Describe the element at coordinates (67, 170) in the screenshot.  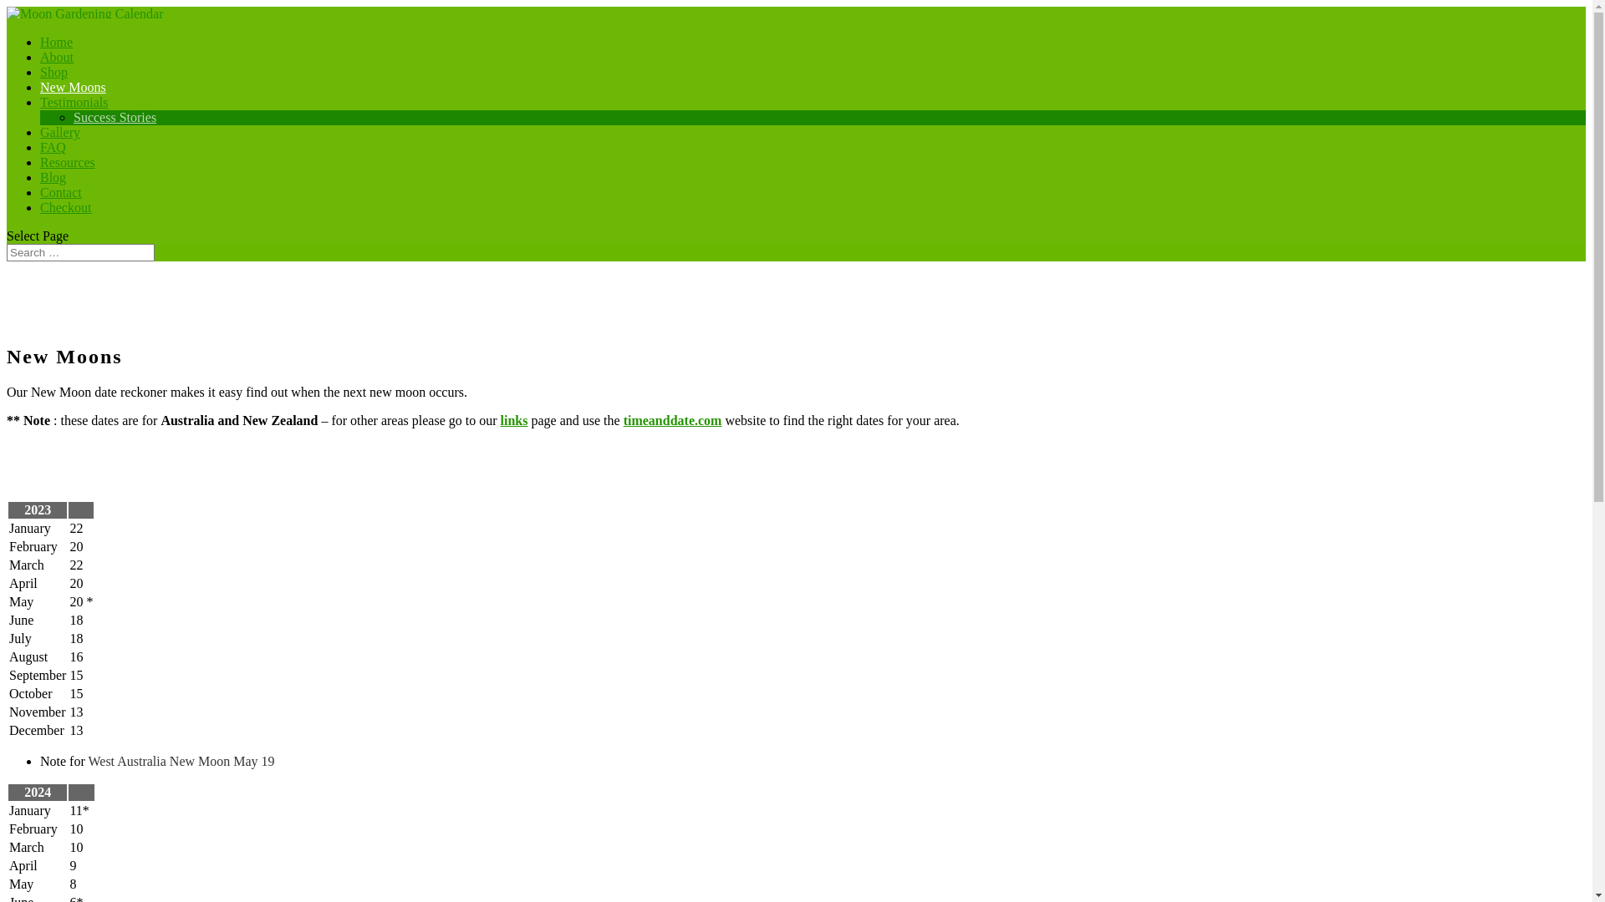
I see `'Resources'` at that location.